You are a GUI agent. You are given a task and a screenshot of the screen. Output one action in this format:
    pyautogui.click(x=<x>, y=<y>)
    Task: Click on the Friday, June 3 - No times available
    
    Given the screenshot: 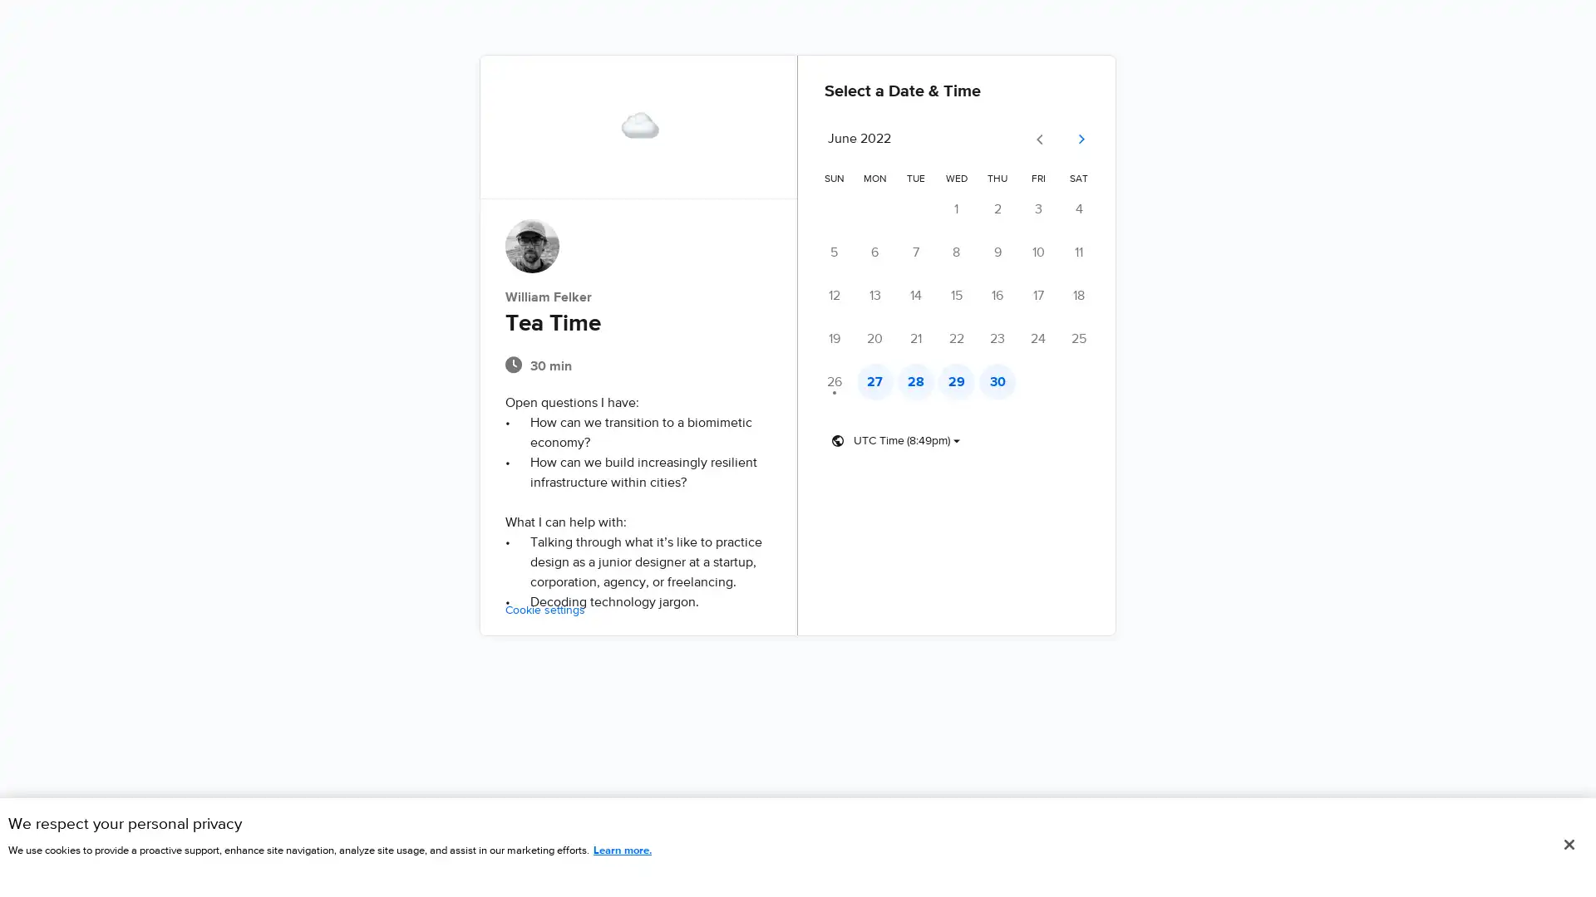 What is the action you would take?
    pyautogui.click(x=1048, y=208)
    